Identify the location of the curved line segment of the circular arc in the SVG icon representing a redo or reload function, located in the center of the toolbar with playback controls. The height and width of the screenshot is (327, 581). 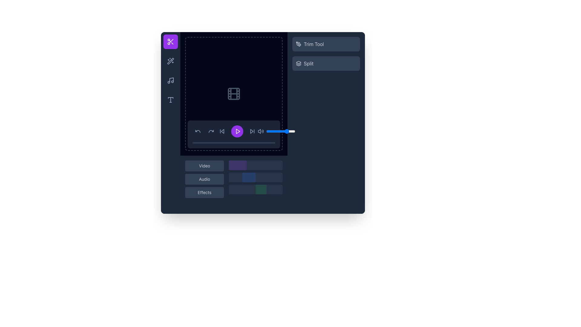
(211, 131).